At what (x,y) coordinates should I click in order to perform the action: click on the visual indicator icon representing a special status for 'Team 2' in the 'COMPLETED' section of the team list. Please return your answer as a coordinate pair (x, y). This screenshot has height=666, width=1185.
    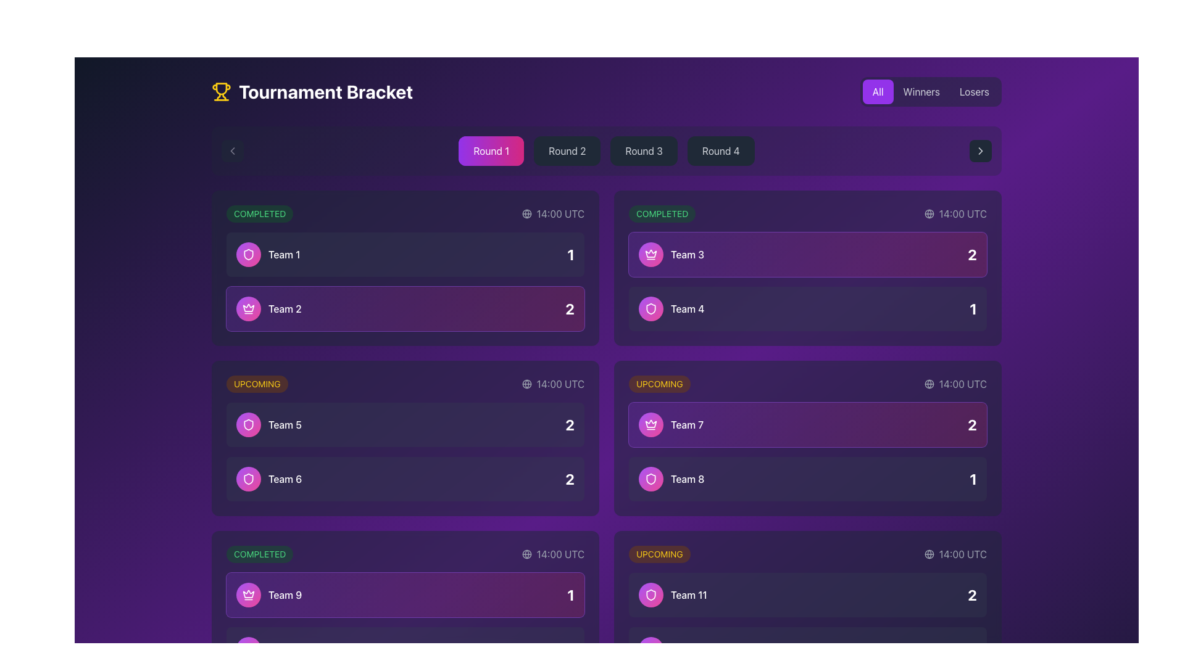
    Looking at the image, I should click on (248, 308).